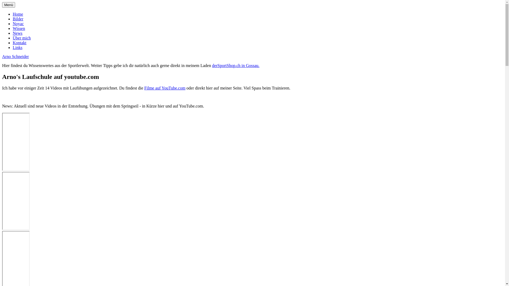 The image size is (509, 286). Describe the element at coordinates (17, 33) in the screenshot. I see `'News'` at that location.